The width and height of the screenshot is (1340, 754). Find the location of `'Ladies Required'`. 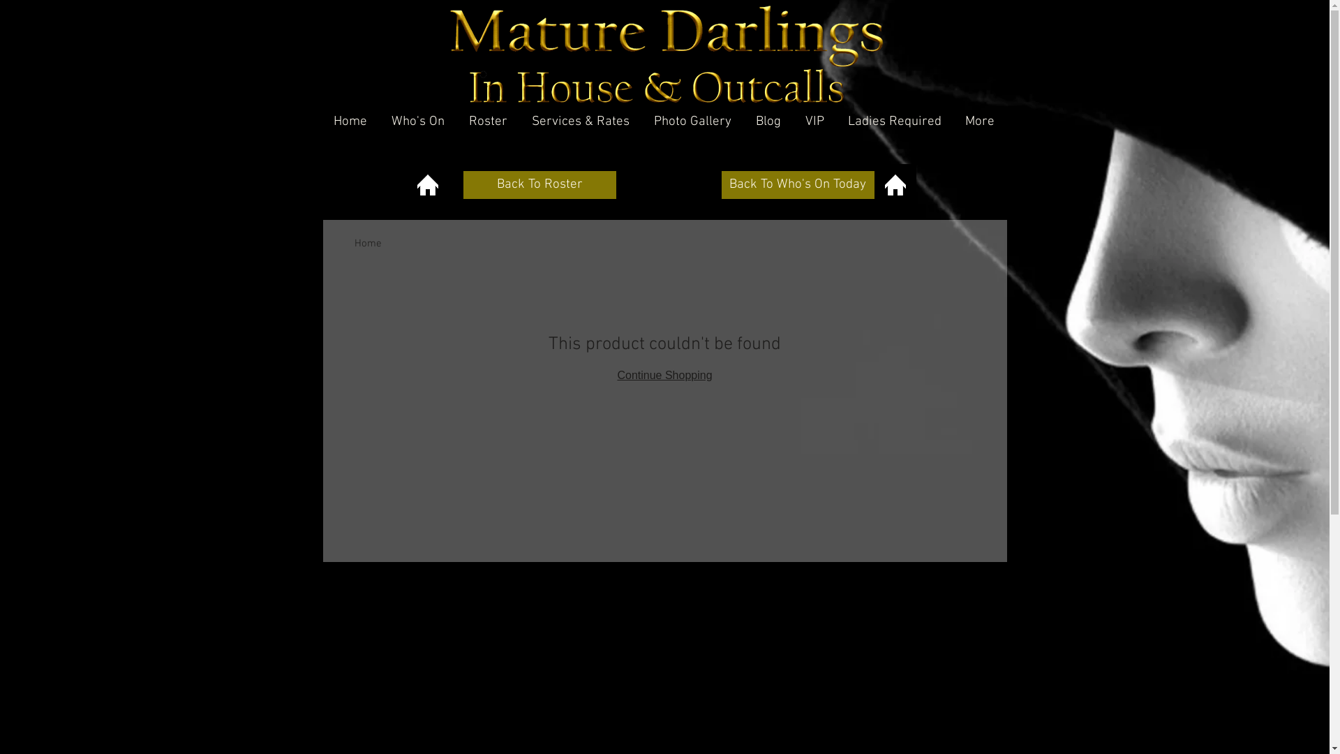

'Ladies Required' is located at coordinates (836, 121).